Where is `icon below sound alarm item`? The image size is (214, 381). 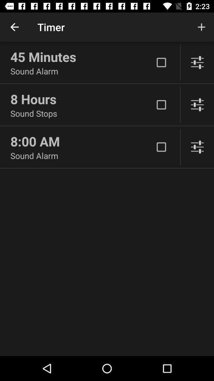 icon below sound alarm item is located at coordinates (81, 98).